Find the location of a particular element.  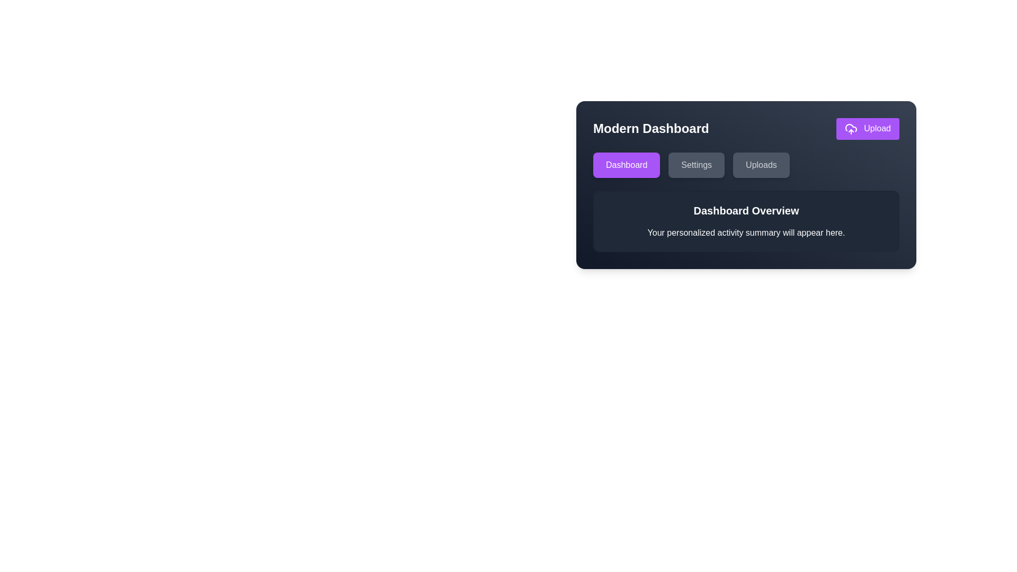

header text located within the card-like structure, which indicates the section of the application being viewed, positioned above the descriptive text about the user's activity summary is located at coordinates (746, 210).